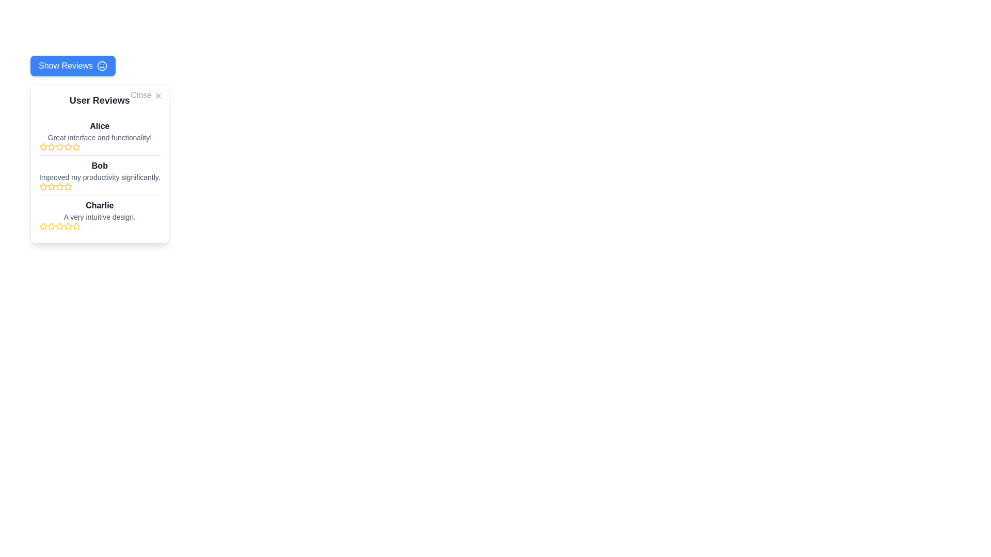  I want to click on the first star icon representing Charlie's review, so click(42, 225).